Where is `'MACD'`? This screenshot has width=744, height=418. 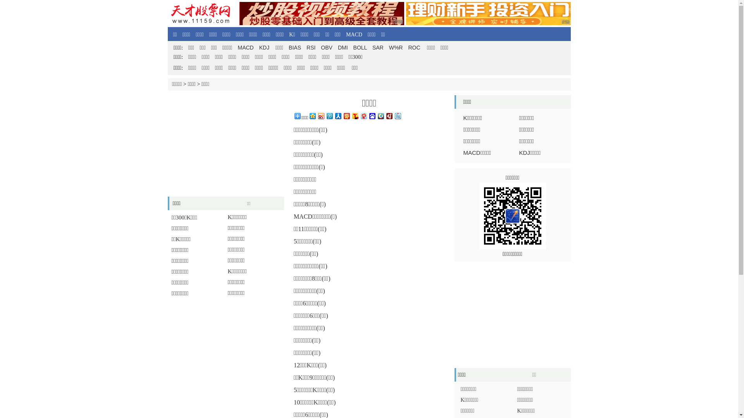 'MACD' is located at coordinates (345, 34).